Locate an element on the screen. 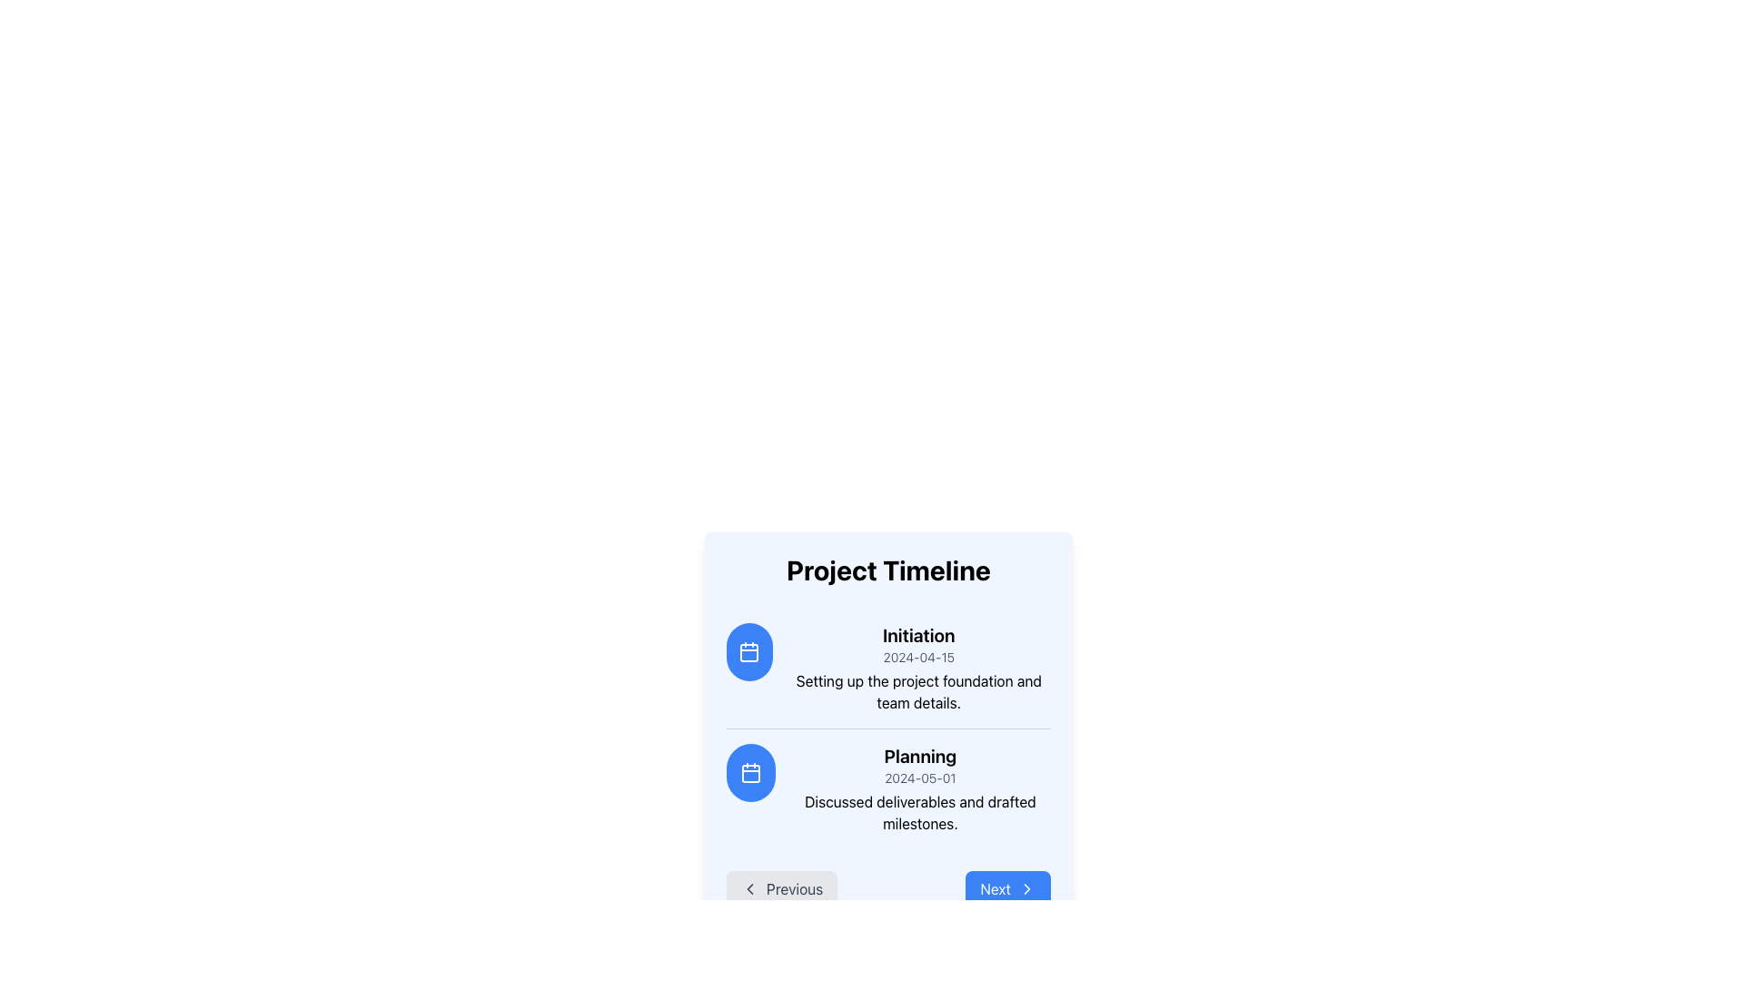  title or stage name of the timeline entry located above the date label '2024-04-15' and the description text in the top section of the timeline component is located at coordinates (918, 634).